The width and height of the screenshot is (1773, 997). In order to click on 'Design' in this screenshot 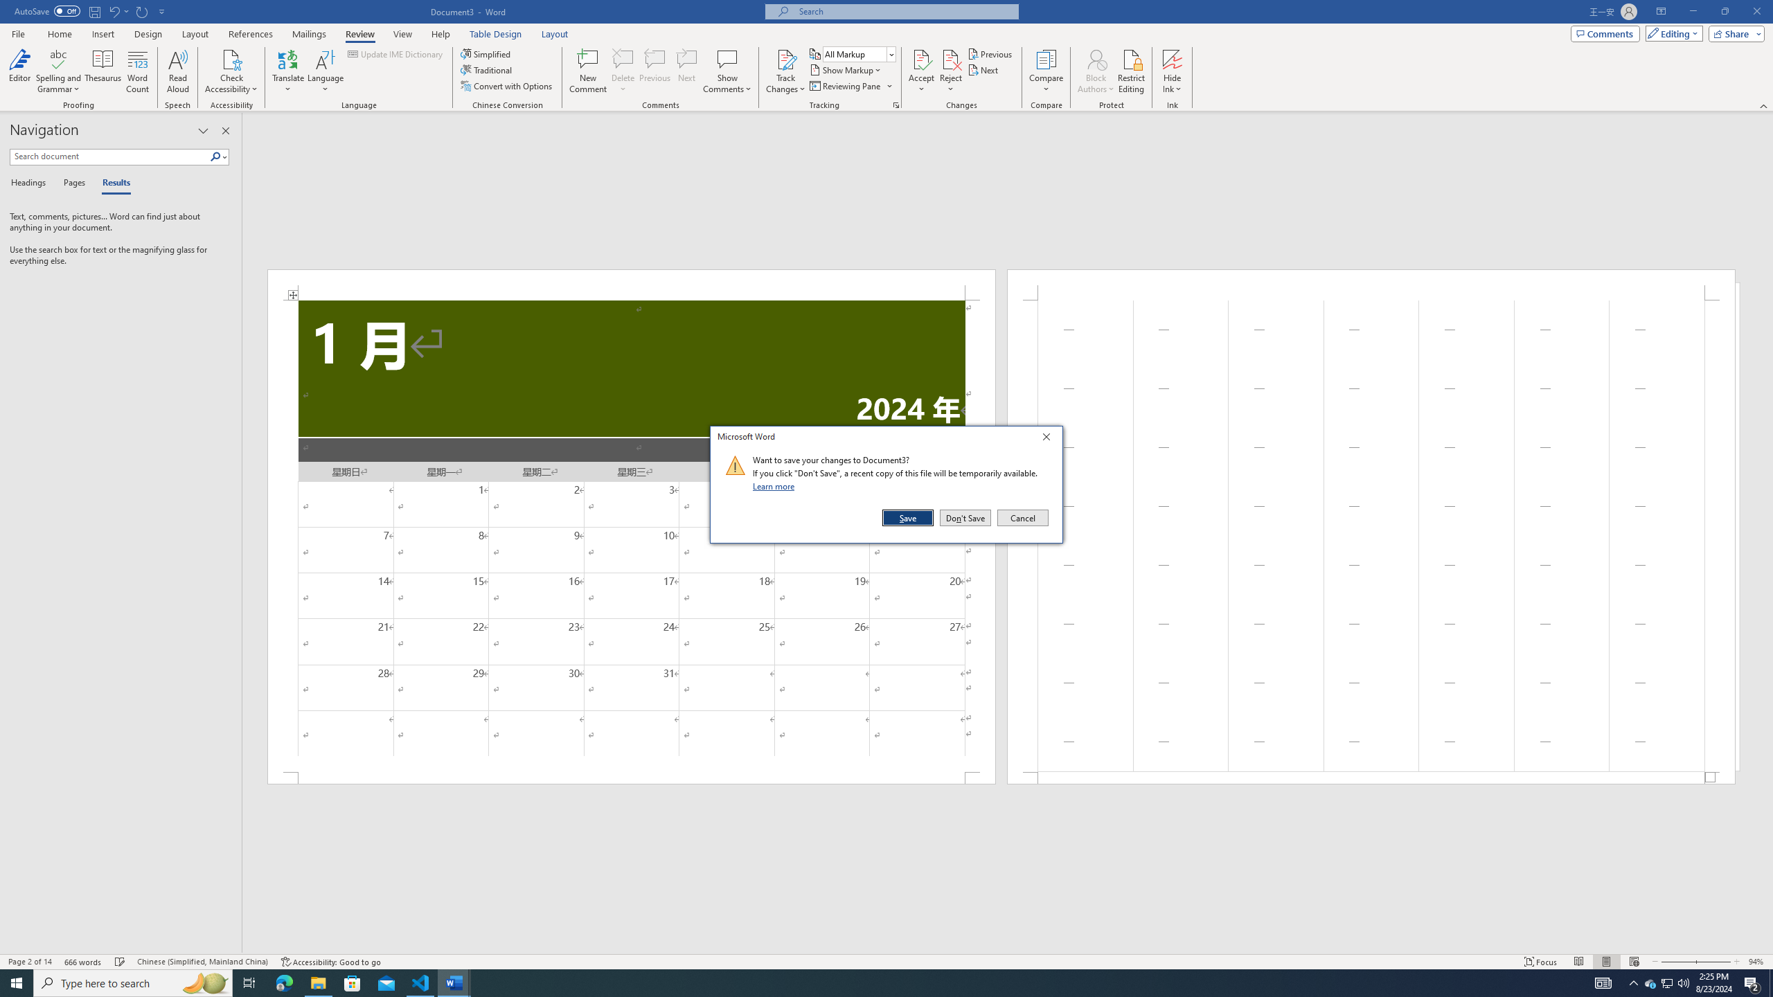, I will do `click(149, 34)`.